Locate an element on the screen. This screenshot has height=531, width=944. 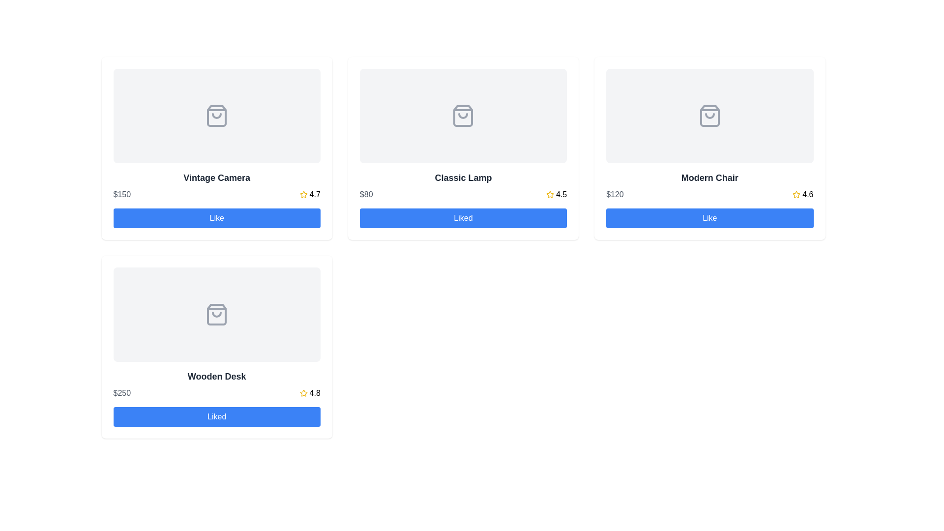
text label that displays 'Wooden Desk', which is styled in bold and positioned at the bottom section of a card layout in the grid interface is located at coordinates (216, 376).